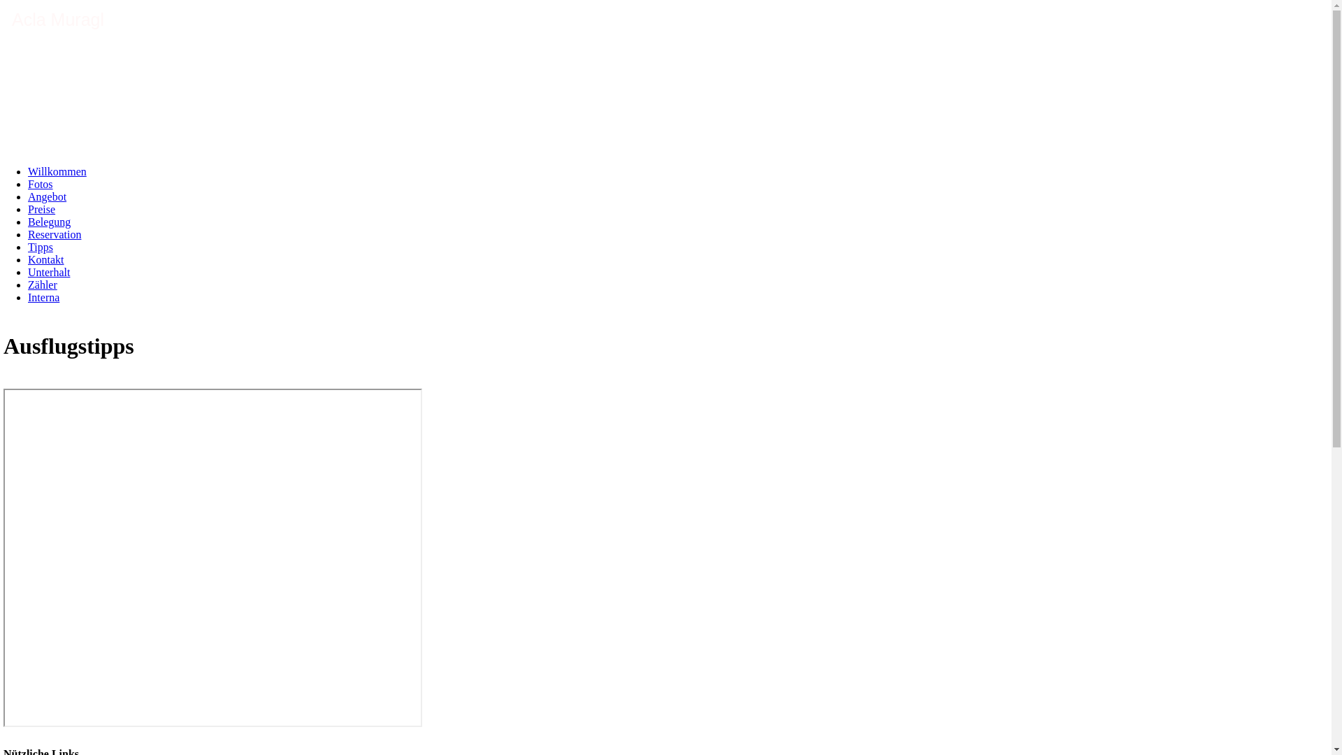 This screenshot has width=1342, height=755. What do you see at coordinates (47, 196) in the screenshot?
I see `'Angebot'` at bounding box center [47, 196].